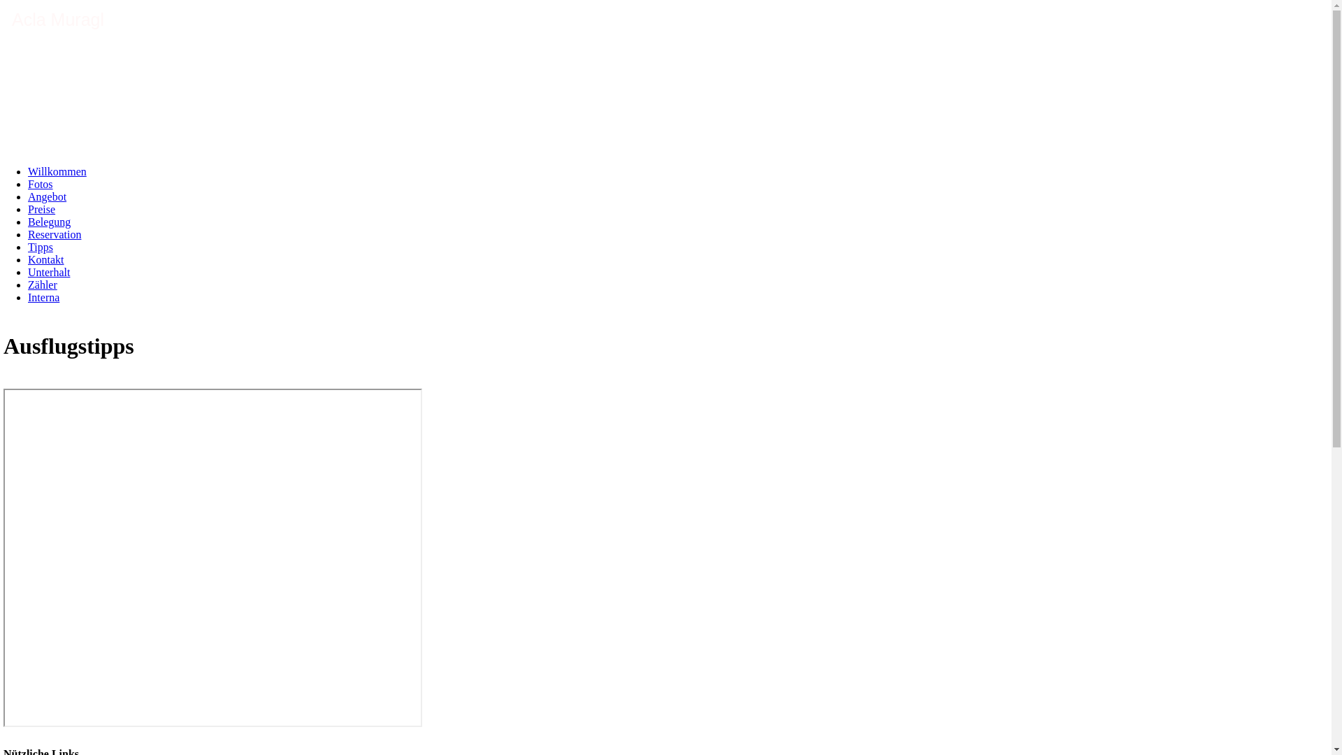 This screenshot has width=1342, height=755. What do you see at coordinates (47, 196) in the screenshot?
I see `'Angebot'` at bounding box center [47, 196].